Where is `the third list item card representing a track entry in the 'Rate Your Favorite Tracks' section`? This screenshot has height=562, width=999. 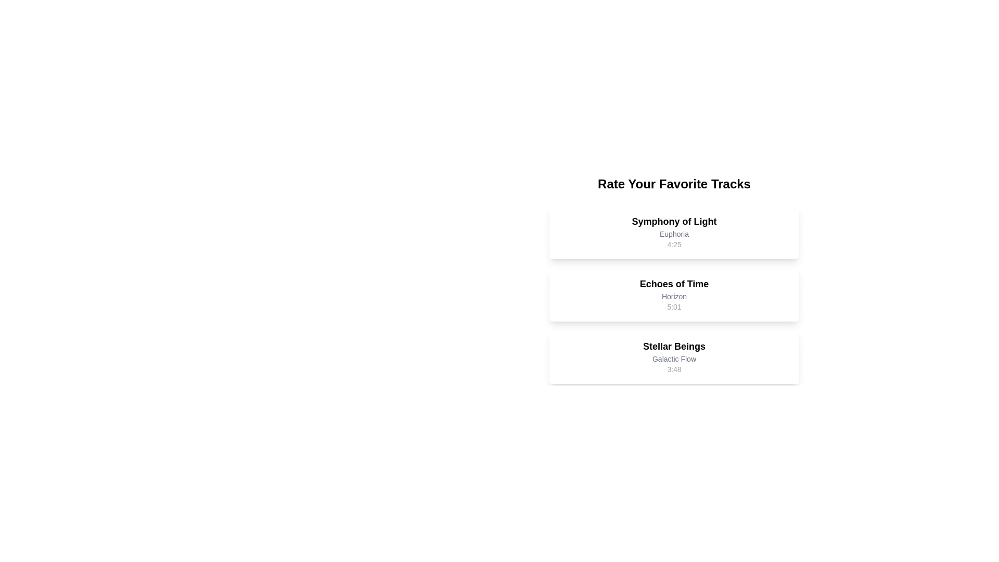
the third list item card representing a track entry in the 'Rate Your Favorite Tracks' section is located at coordinates (674, 356).